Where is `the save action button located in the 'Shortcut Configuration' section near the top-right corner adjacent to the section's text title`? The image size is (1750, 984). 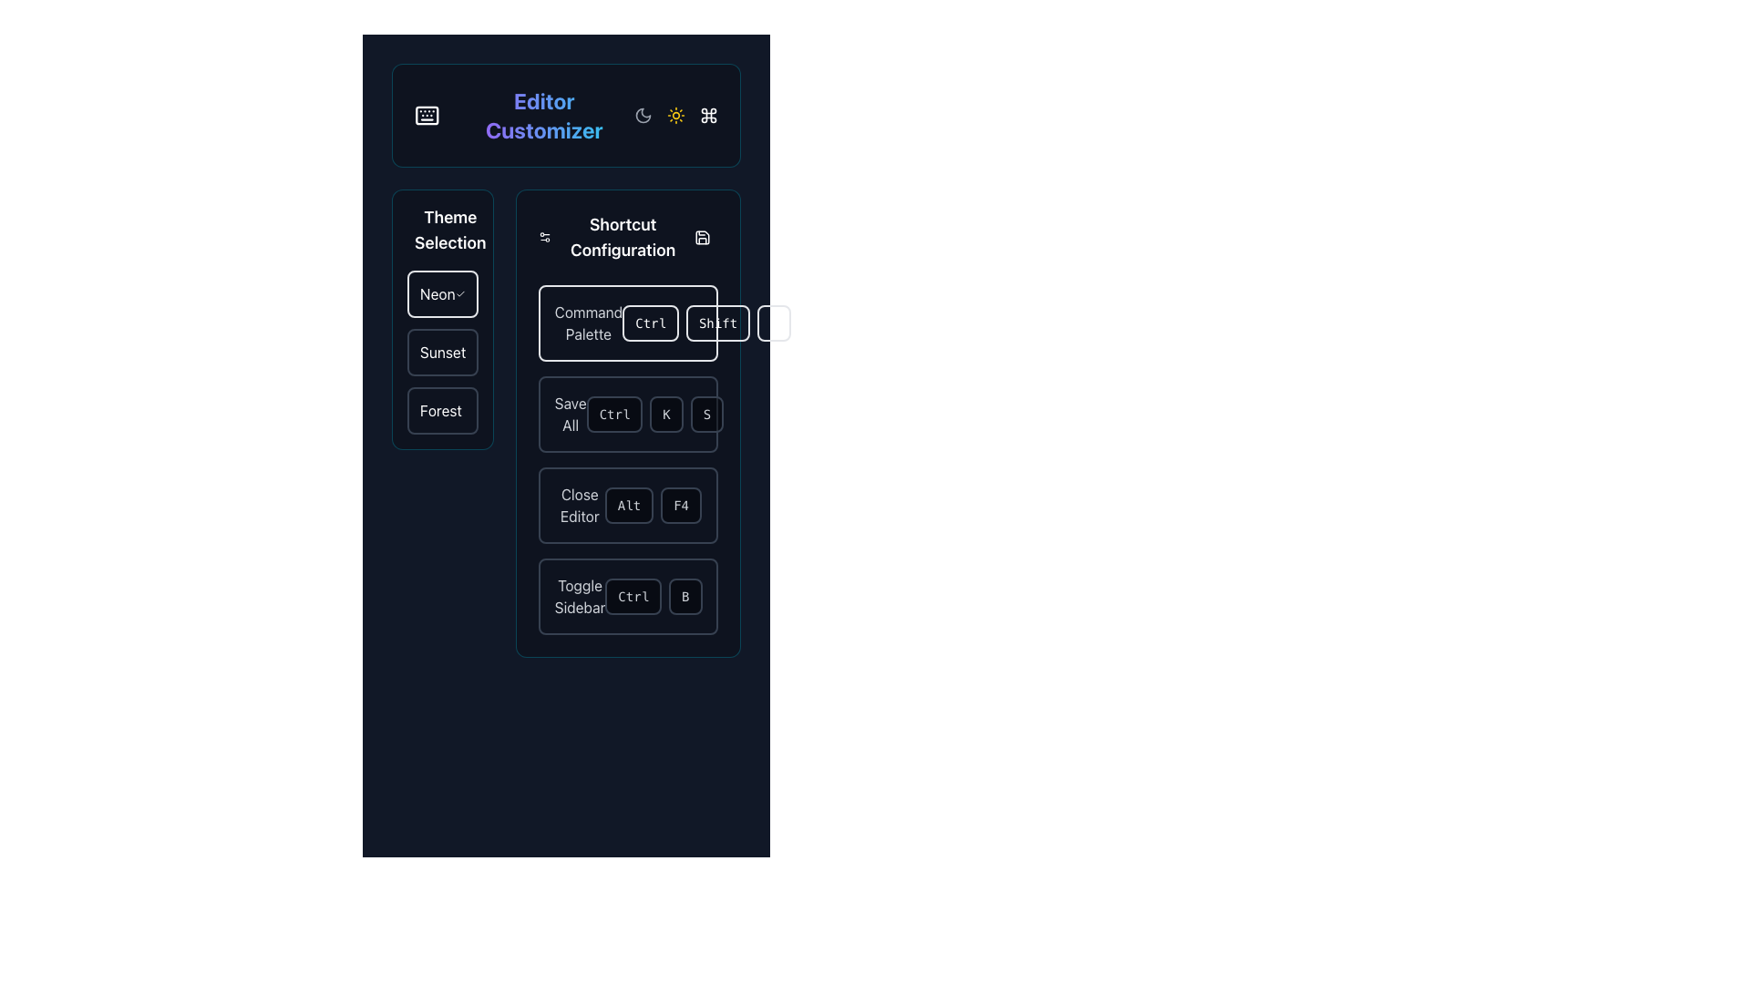
the save action button located in the 'Shortcut Configuration' section near the top-right corner adjacent to the section's text title is located at coordinates (702, 237).